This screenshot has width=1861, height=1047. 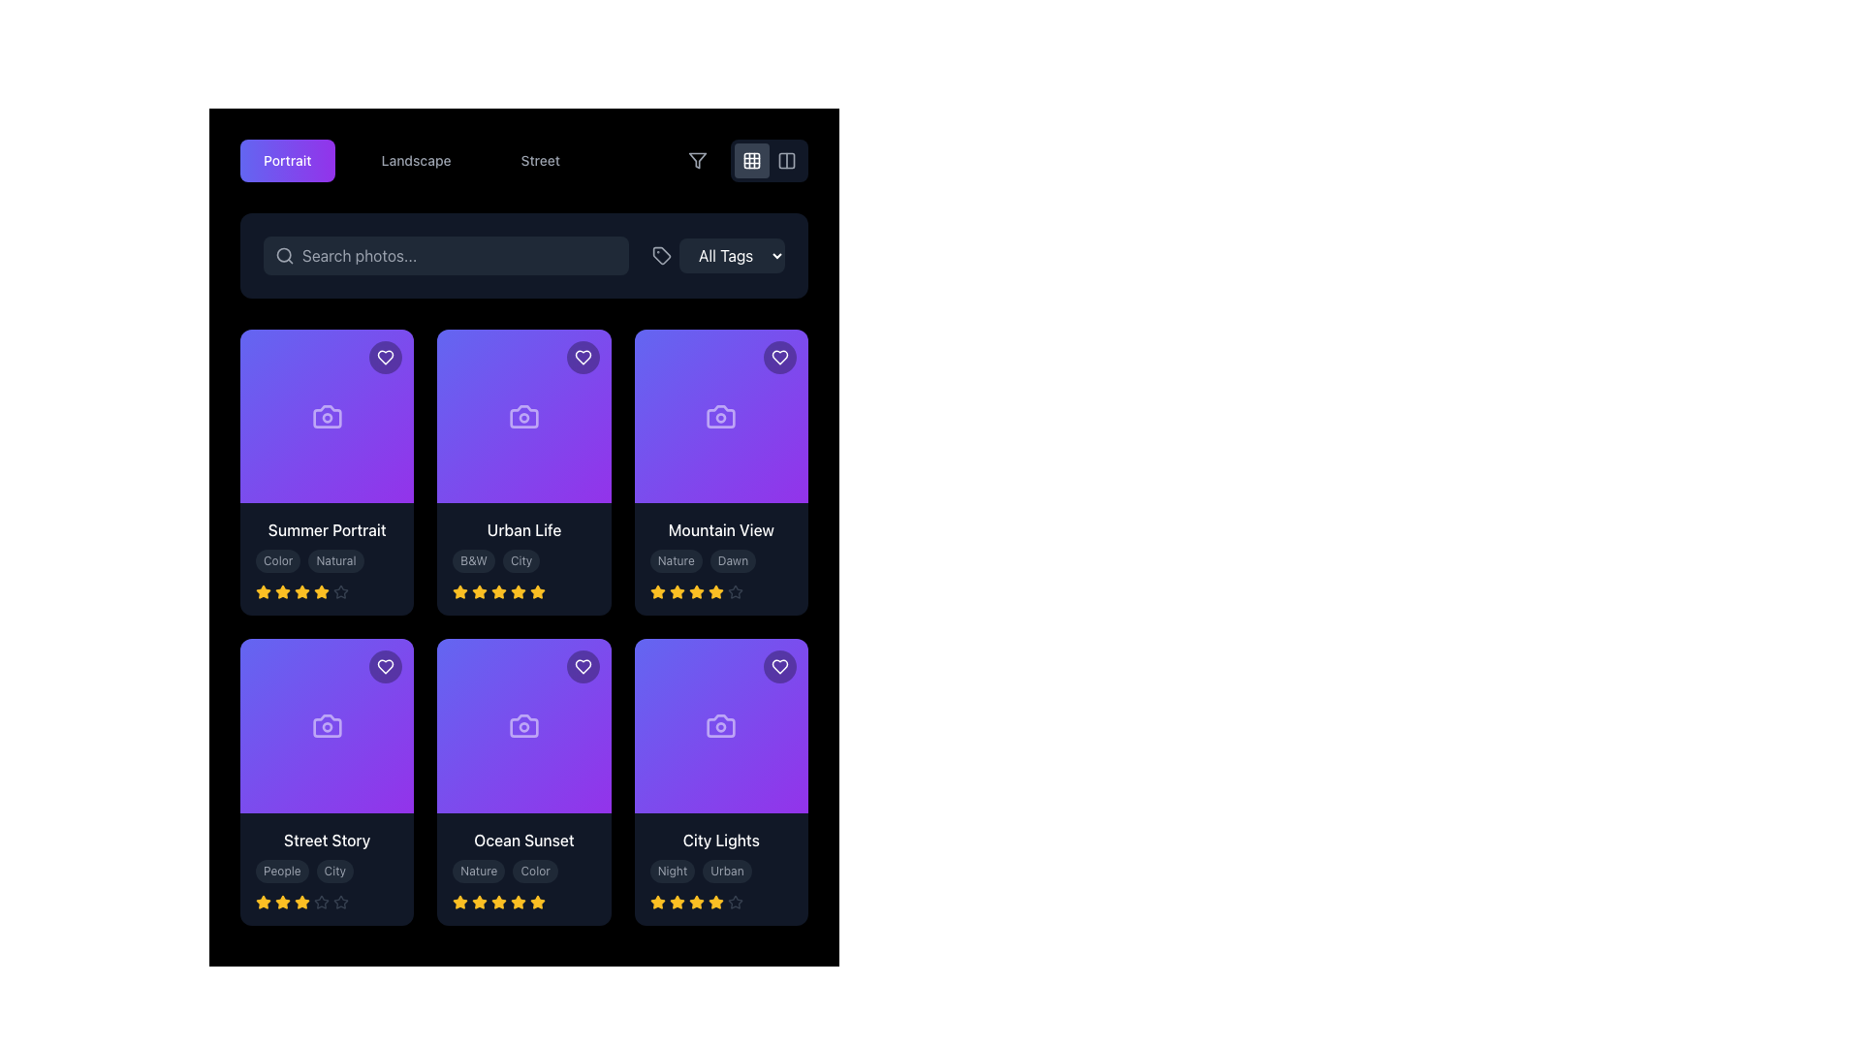 I want to click on the Image Placeholder with a gradient background transitioning from purple to blue, located in the bottom-right position of the grid under the 'City Lights' card, so click(x=720, y=725).